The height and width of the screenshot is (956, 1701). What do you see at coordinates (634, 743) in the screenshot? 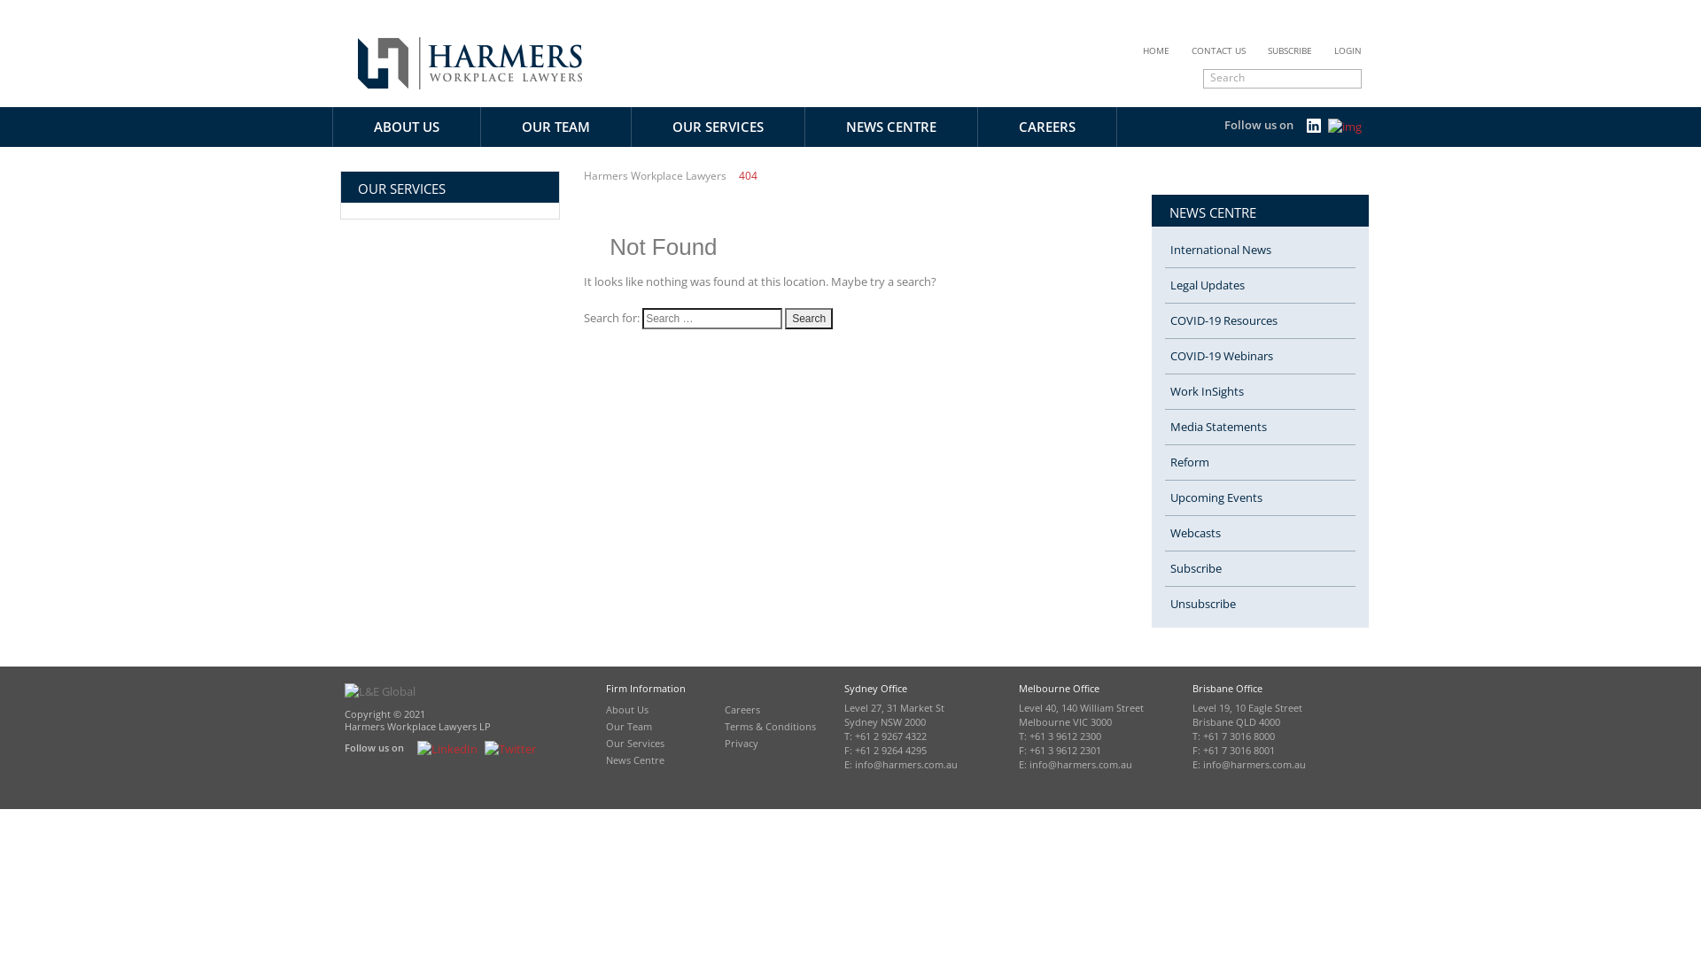
I see `'Our Services'` at bounding box center [634, 743].